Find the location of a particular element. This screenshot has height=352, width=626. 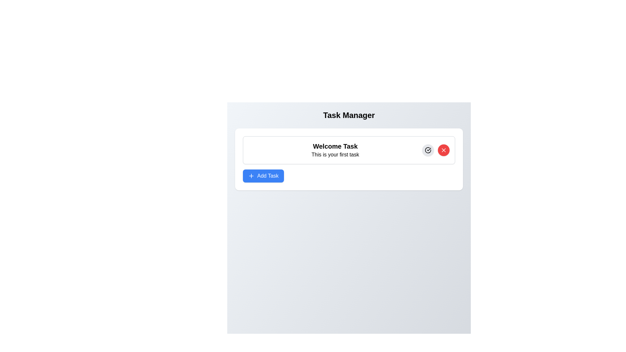

the thin 'X' shaped line icon on the red circular button is located at coordinates (443, 150).